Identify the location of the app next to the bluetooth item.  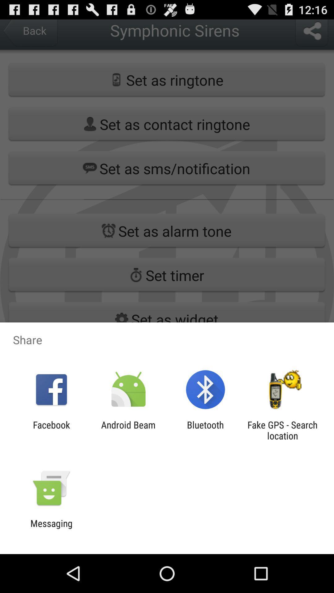
(128, 430).